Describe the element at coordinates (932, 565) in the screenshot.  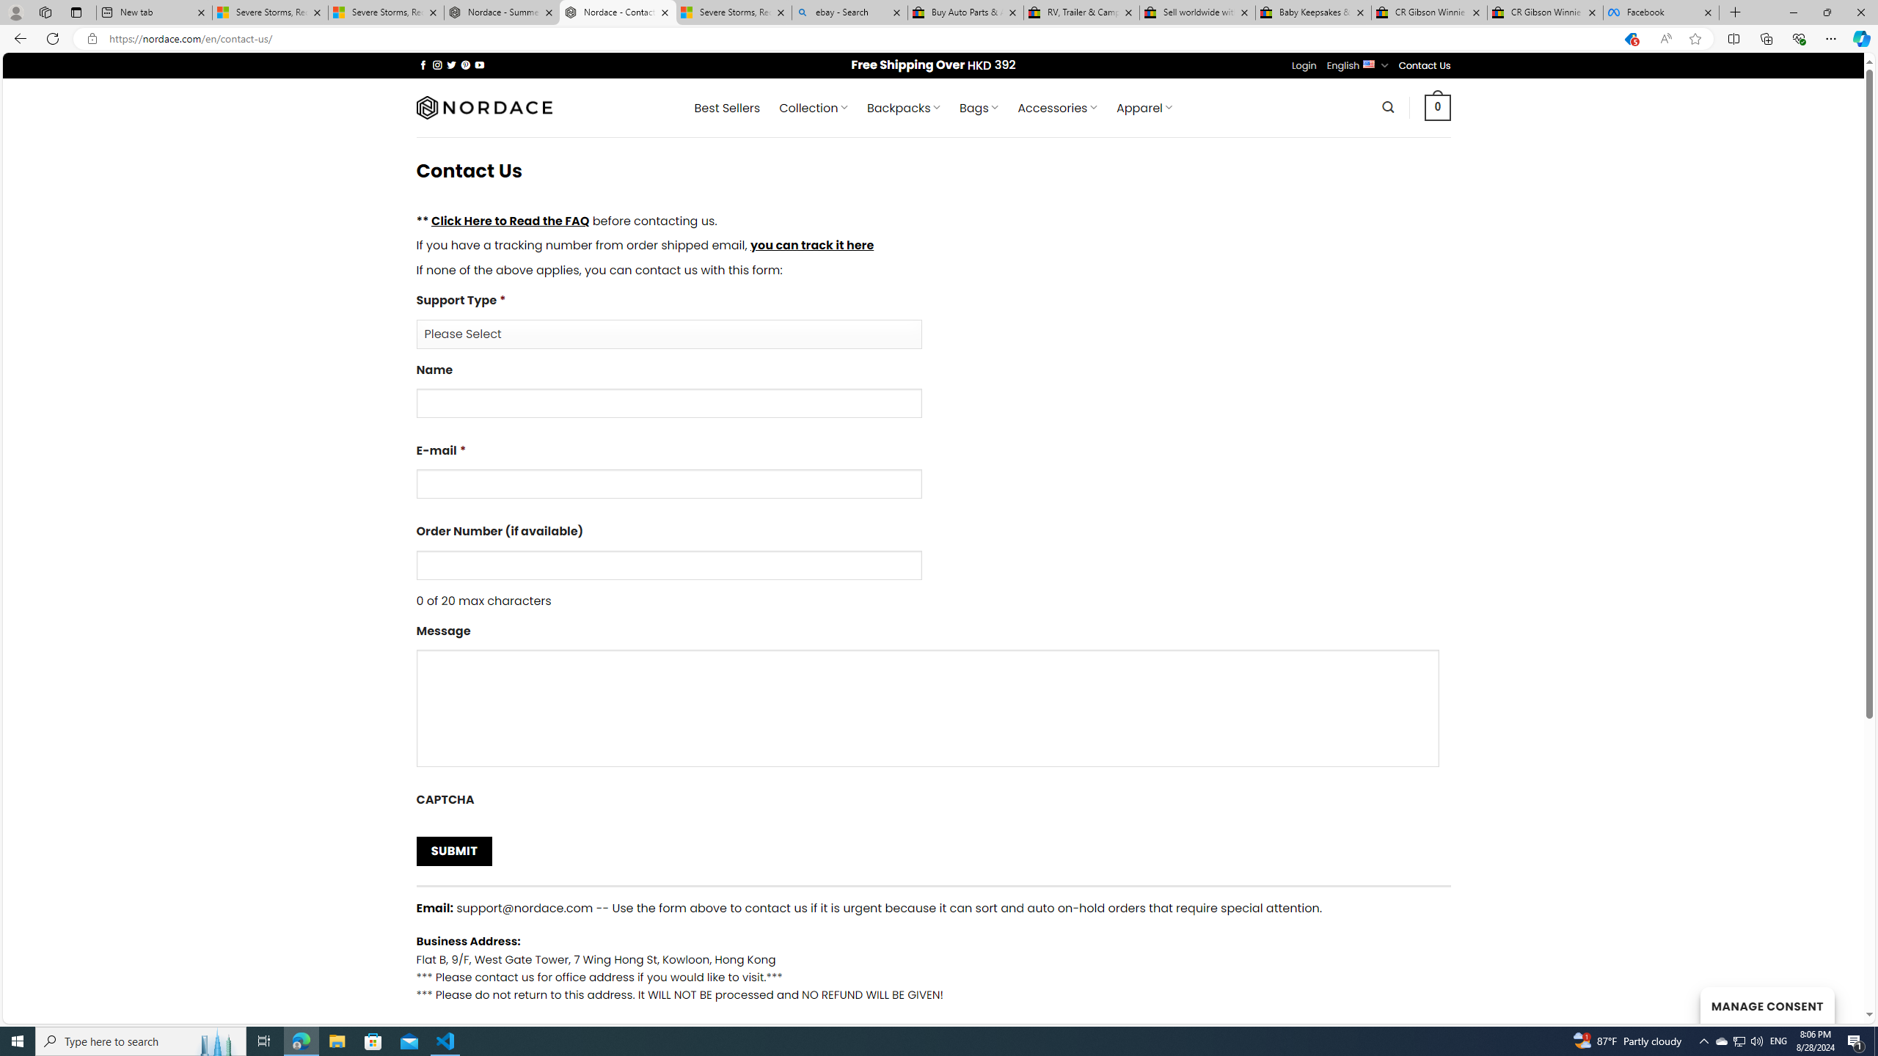
I see `'Order Number (if available)0 of 20 max characters'` at that location.